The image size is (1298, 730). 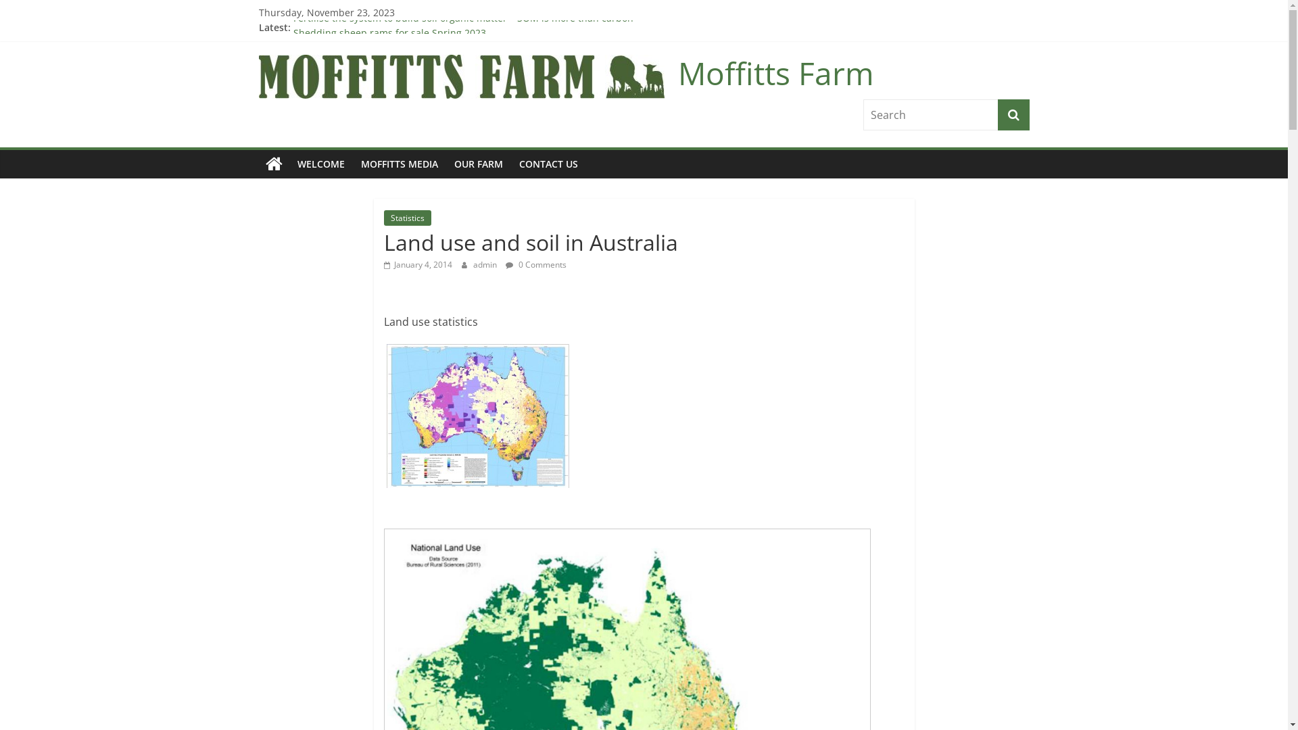 I want to click on 'January 4, 2014', so click(x=417, y=264).